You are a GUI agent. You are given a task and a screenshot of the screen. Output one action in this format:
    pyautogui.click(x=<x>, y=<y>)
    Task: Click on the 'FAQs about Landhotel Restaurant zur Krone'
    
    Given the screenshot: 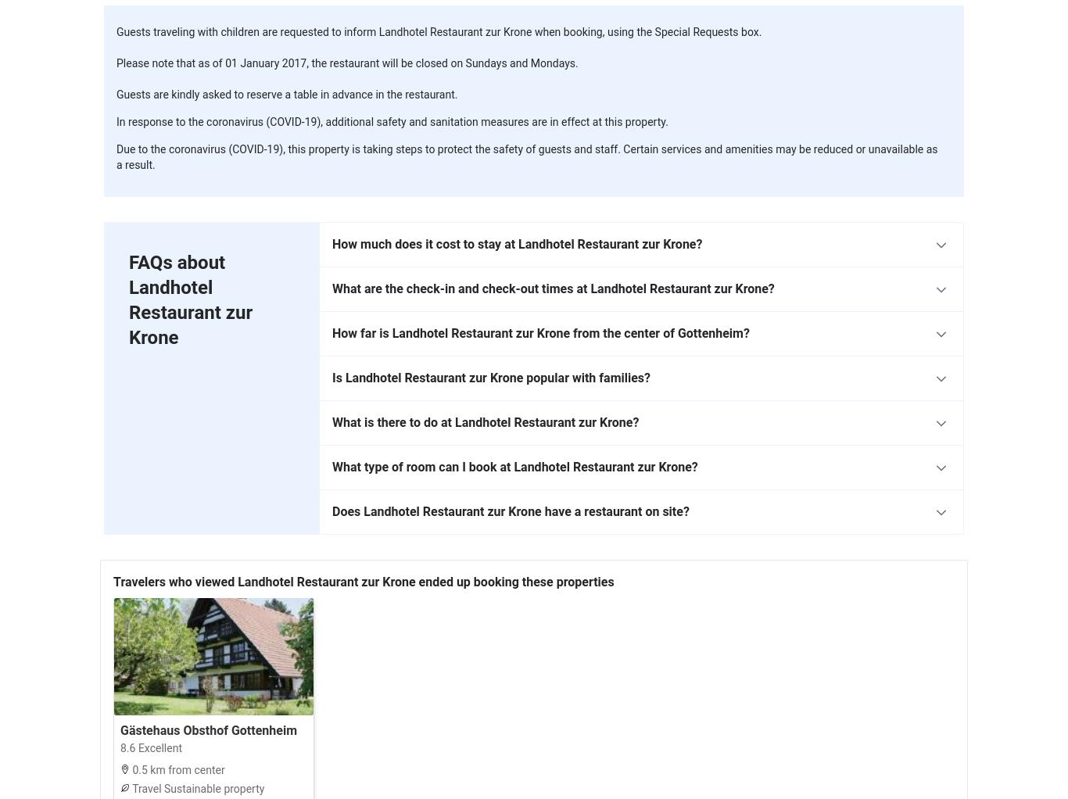 What is the action you would take?
    pyautogui.click(x=190, y=299)
    